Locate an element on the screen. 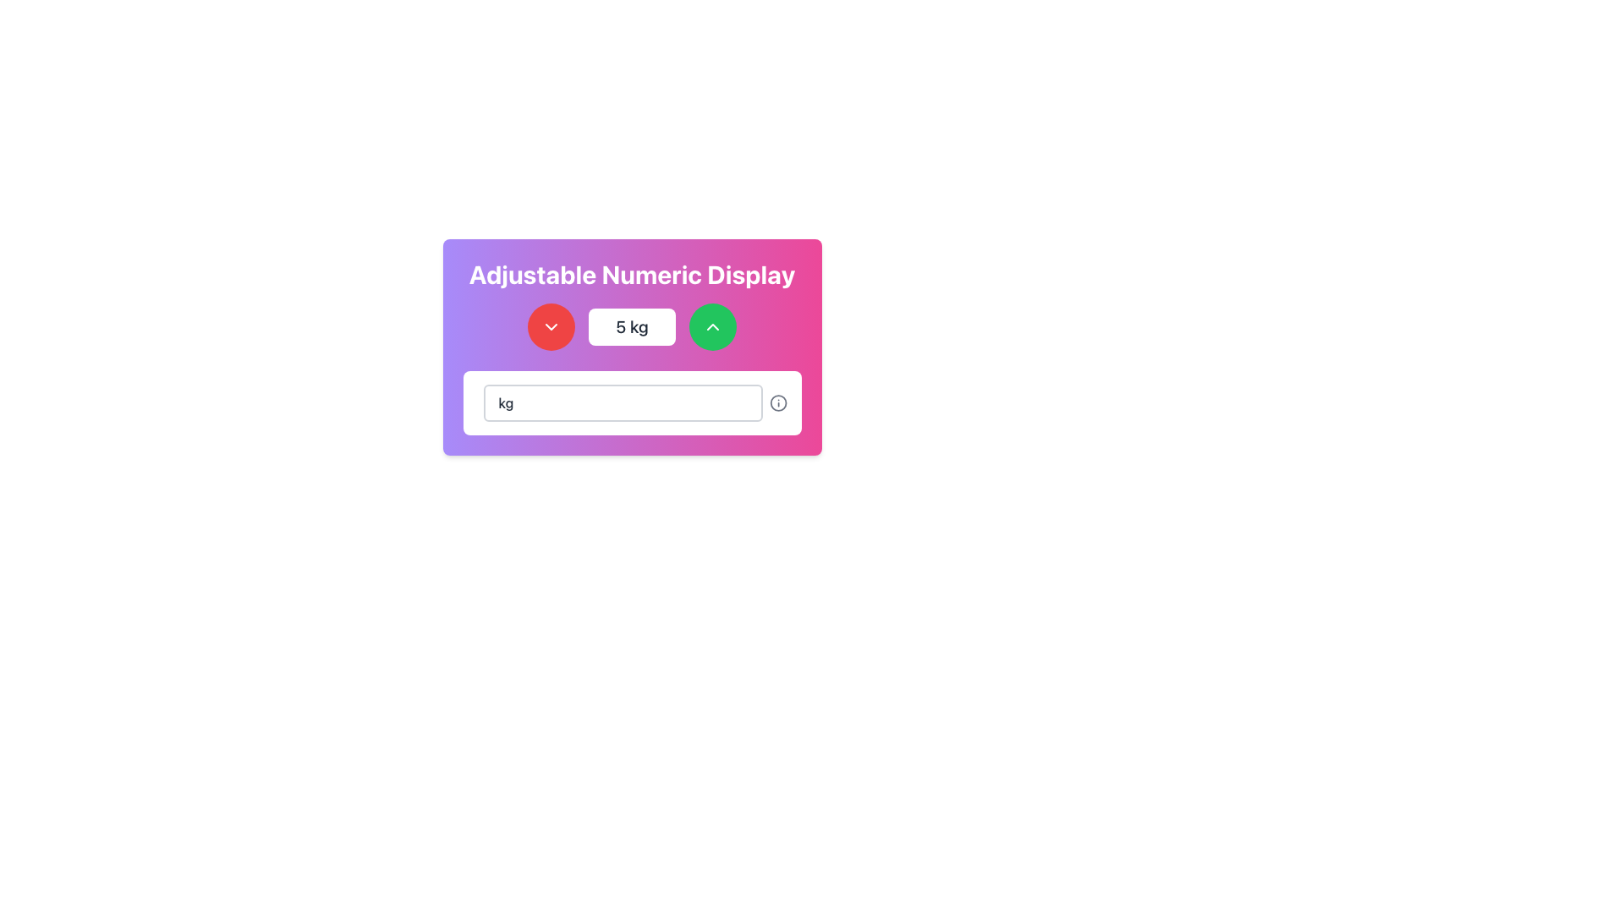 The height and width of the screenshot is (913, 1624). the informational icon located to the right of the 'kg' text input field is located at coordinates (777, 403).